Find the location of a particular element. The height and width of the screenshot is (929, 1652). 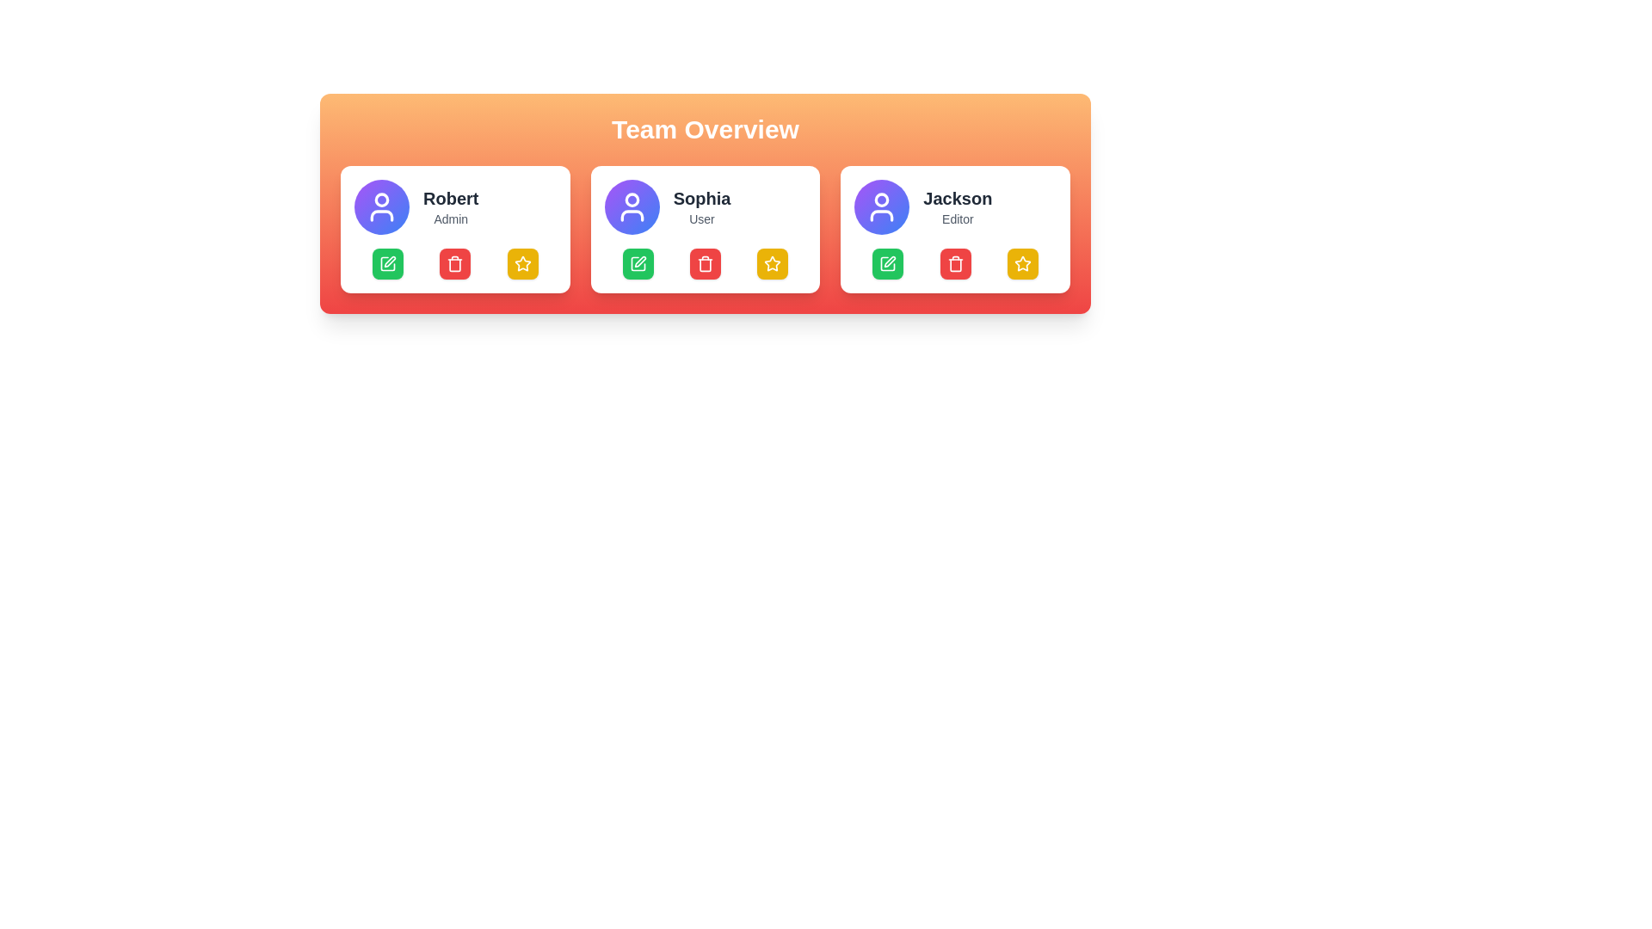

the user name 'Sophia' displayed in the middle user card is located at coordinates (702, 198).